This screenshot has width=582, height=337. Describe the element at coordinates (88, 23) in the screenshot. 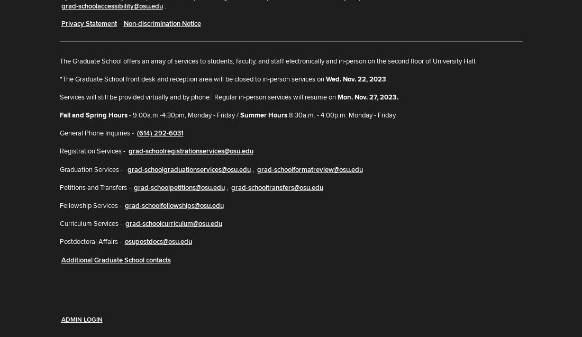

I see `'Privacy Statement'` at that location.